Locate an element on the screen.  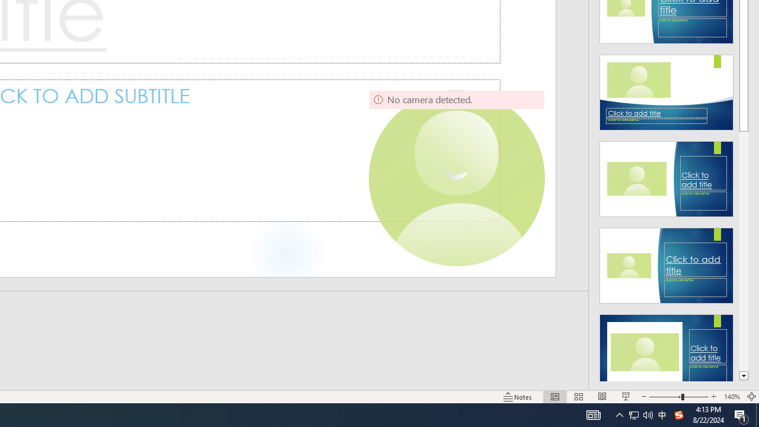
'Zoom 140%' is located at coordinates (731, 397).